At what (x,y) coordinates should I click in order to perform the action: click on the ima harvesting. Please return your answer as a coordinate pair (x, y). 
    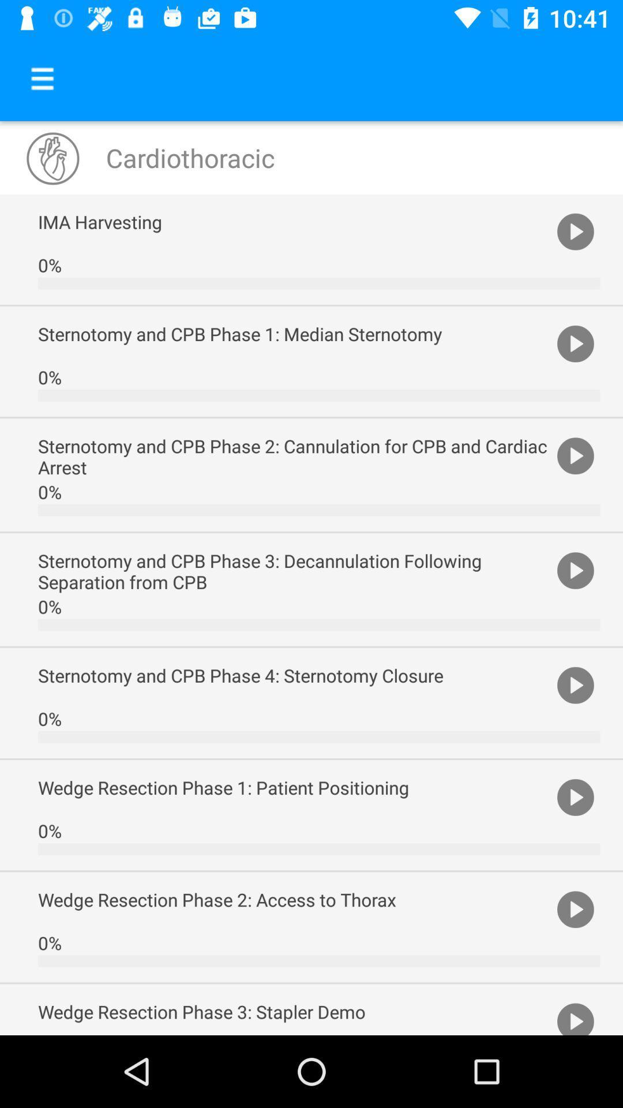
    Looking at the image, I should click on (294, 222).